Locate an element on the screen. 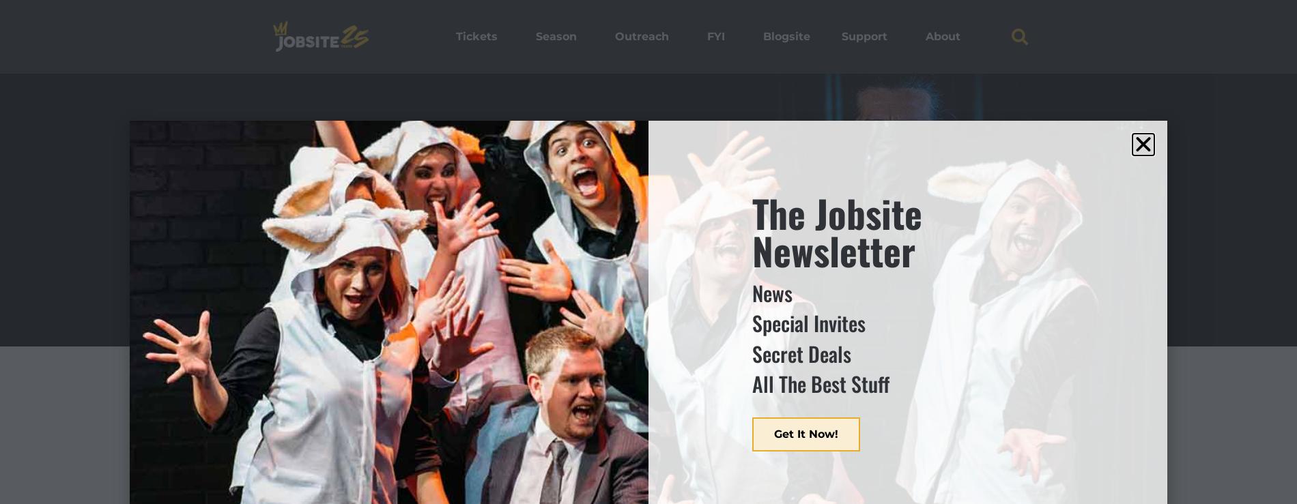  'Ensemble' is located at coordinates (294, 458).